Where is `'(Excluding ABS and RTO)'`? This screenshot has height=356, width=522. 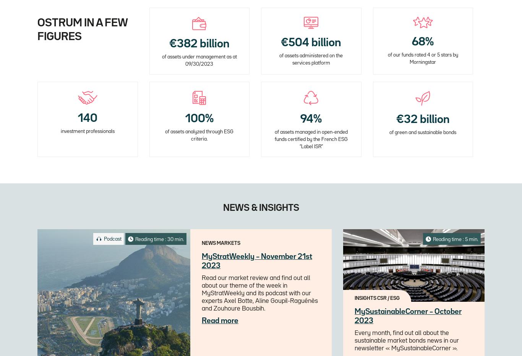
'(Excluding ABS and RTO)' is located at coordinates (199, 165).